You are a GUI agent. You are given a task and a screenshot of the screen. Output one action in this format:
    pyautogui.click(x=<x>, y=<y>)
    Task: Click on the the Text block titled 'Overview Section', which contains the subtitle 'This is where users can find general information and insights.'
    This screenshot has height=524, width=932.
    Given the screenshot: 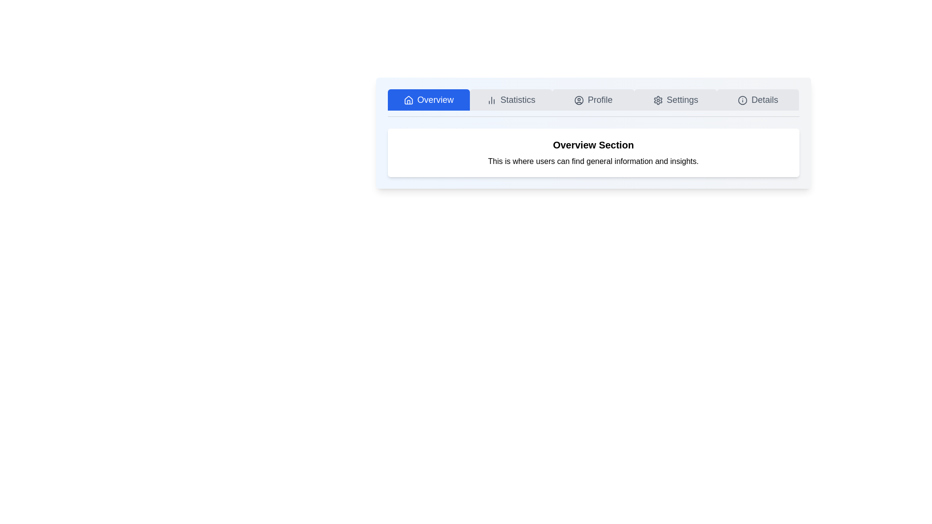 What is the action you would take?
    pyautogui.click(x=593, y=153)
    